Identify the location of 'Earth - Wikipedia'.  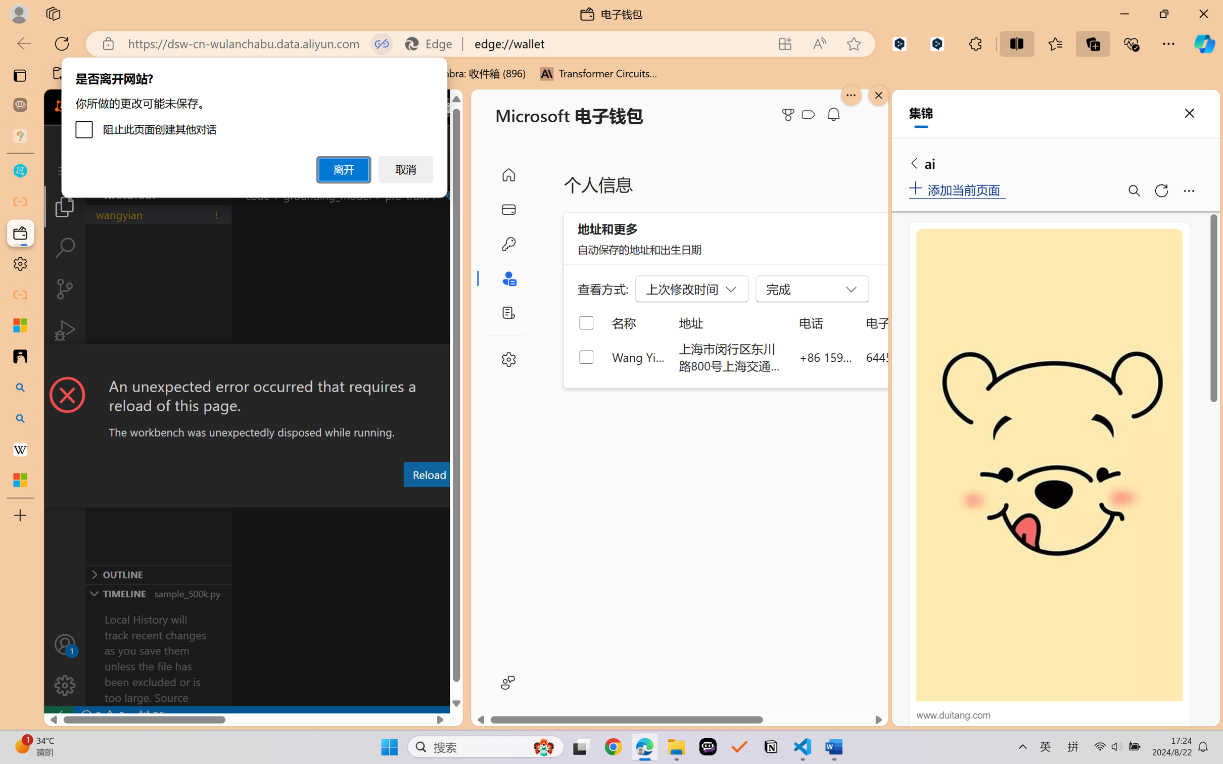
(20, 448).